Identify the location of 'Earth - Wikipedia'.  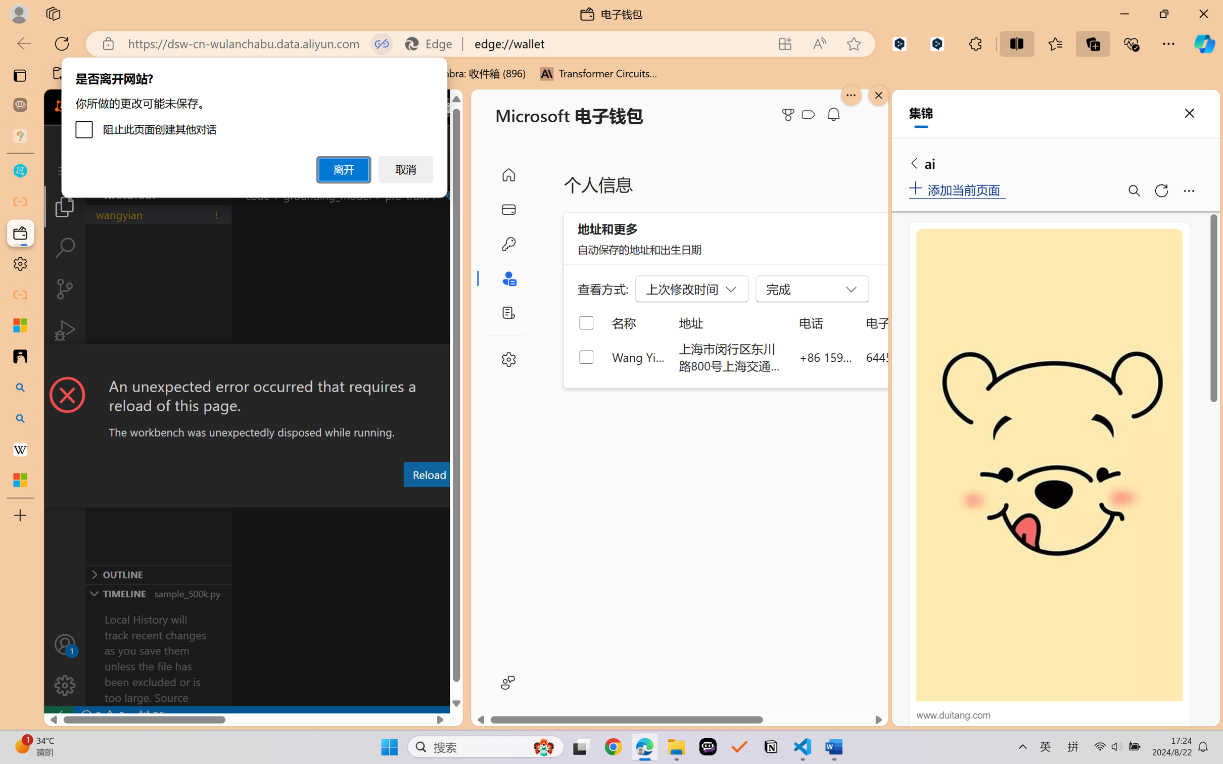
(20, 448).